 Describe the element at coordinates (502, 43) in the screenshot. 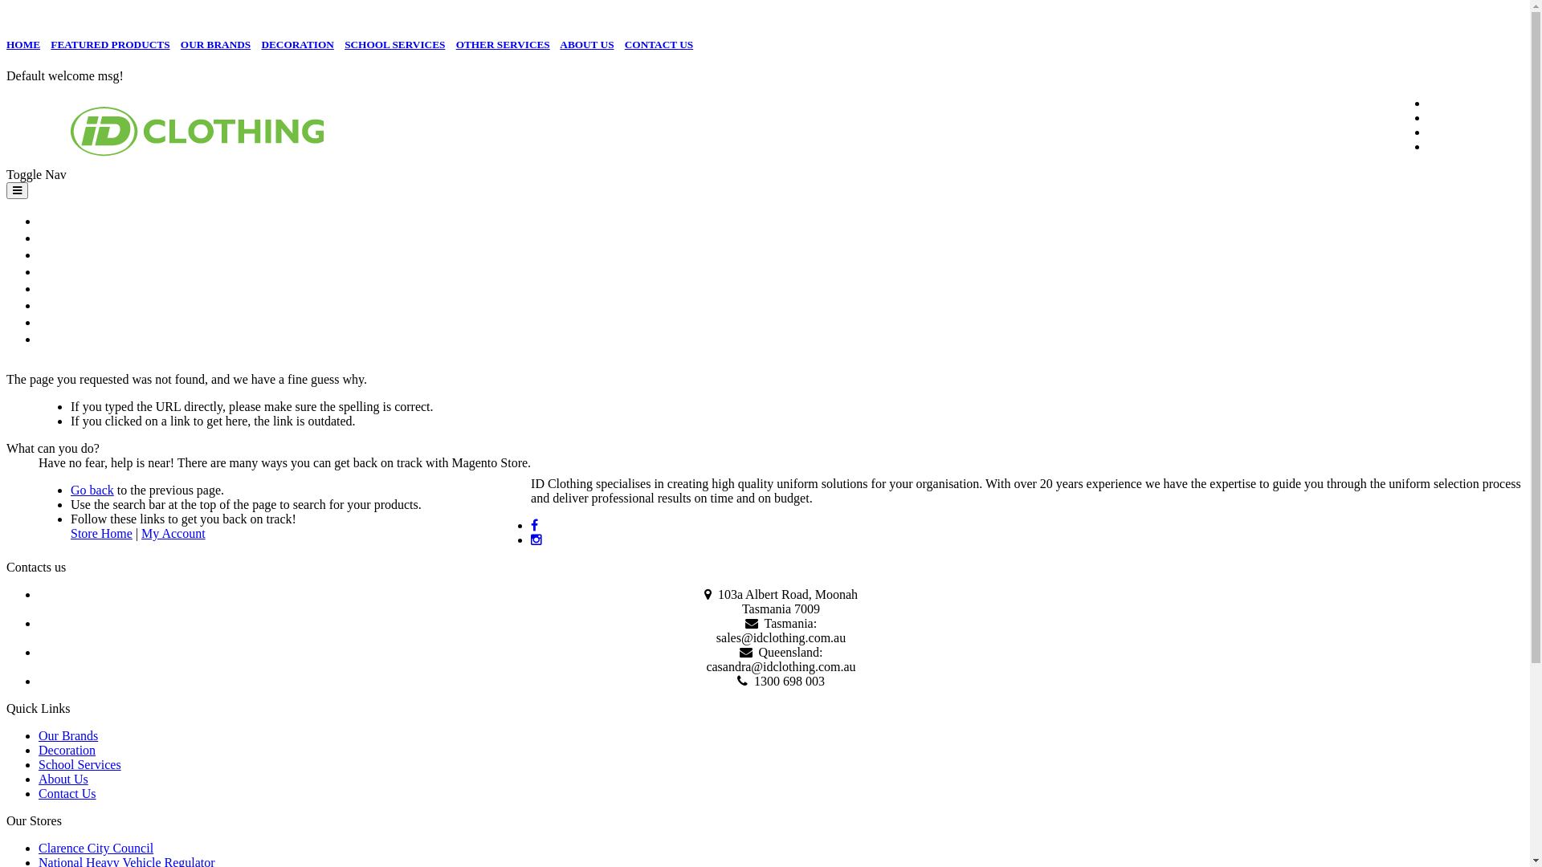

I see `'OTHER SERVICES'` at that location.